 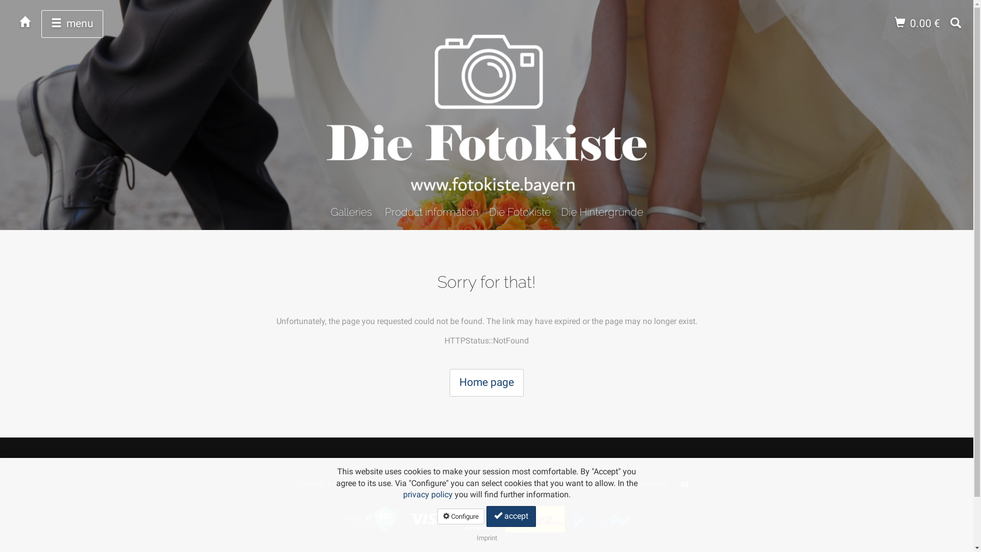 I want to click on 'Configure', so click(x=460, y=516).